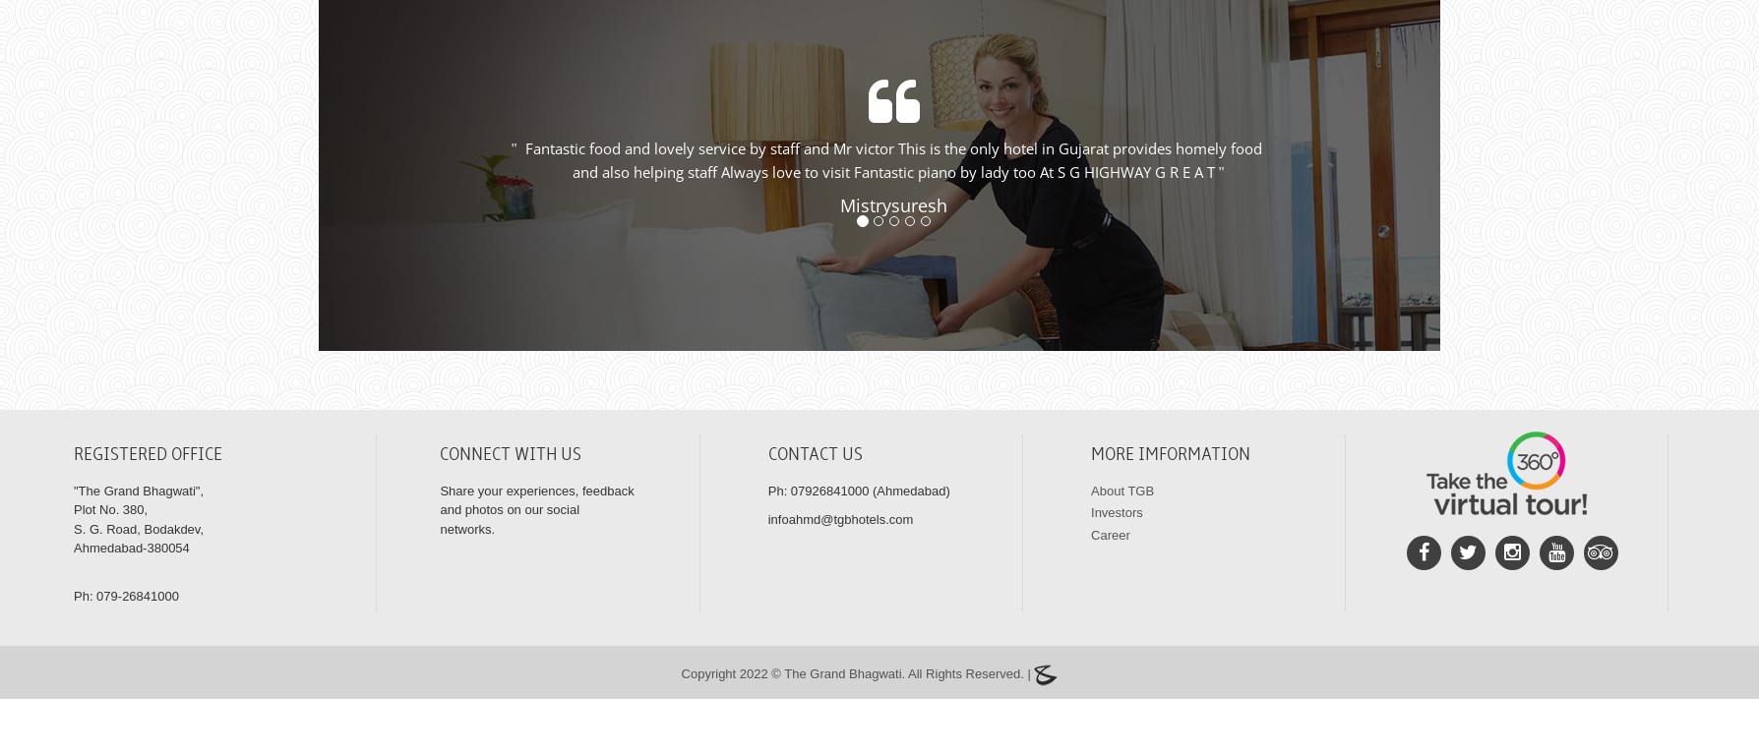 This screenshot has height=752, width=1759. Describe the element at coordinates (511, 478) in the screenshot. I see `'Connect With Us'` at that location.